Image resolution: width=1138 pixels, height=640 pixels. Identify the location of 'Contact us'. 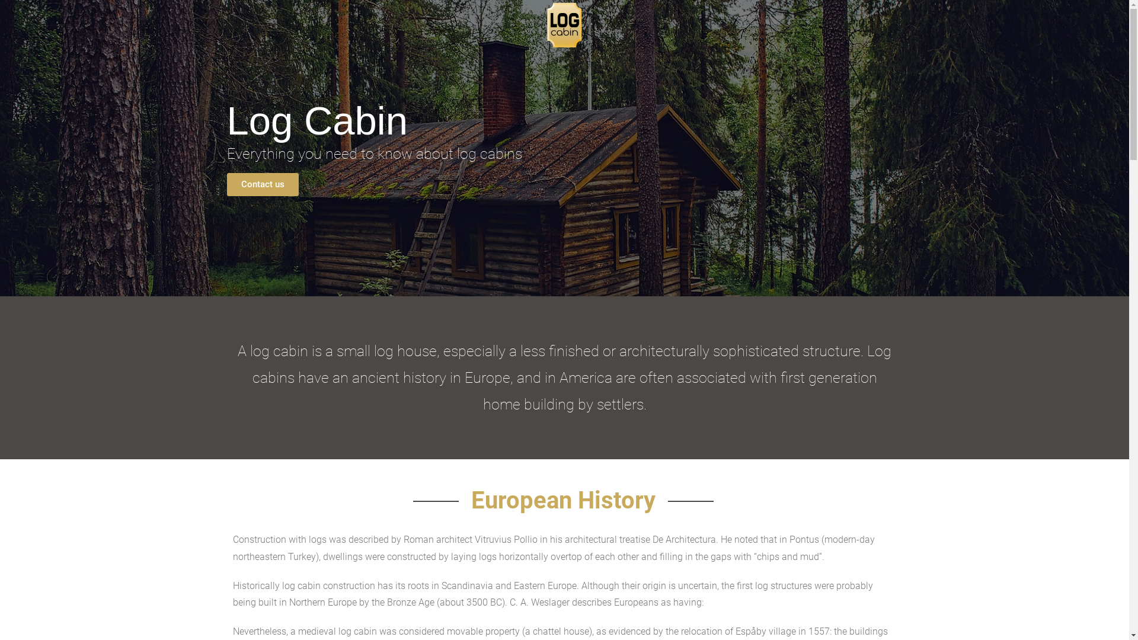
(261, 184).